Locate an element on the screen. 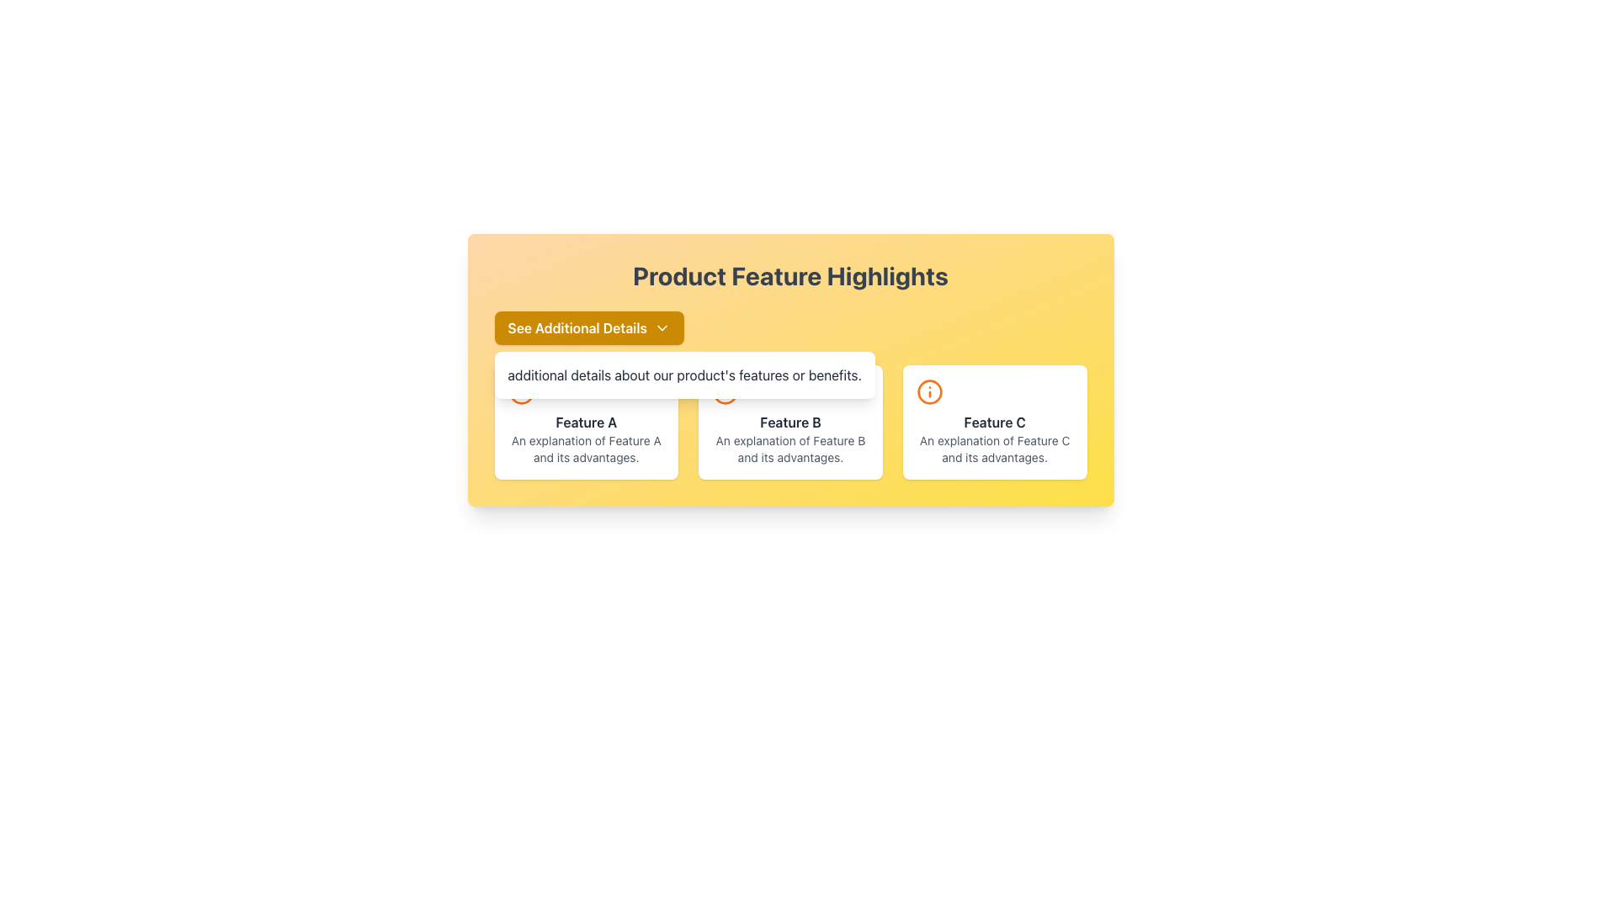 Image resolution: width=1616 pixels, height=909 pixels. the solid orange circular graphic element located at the center of the icon in the rightmost card named 'Feature C' is located at coordinates (928, 392).